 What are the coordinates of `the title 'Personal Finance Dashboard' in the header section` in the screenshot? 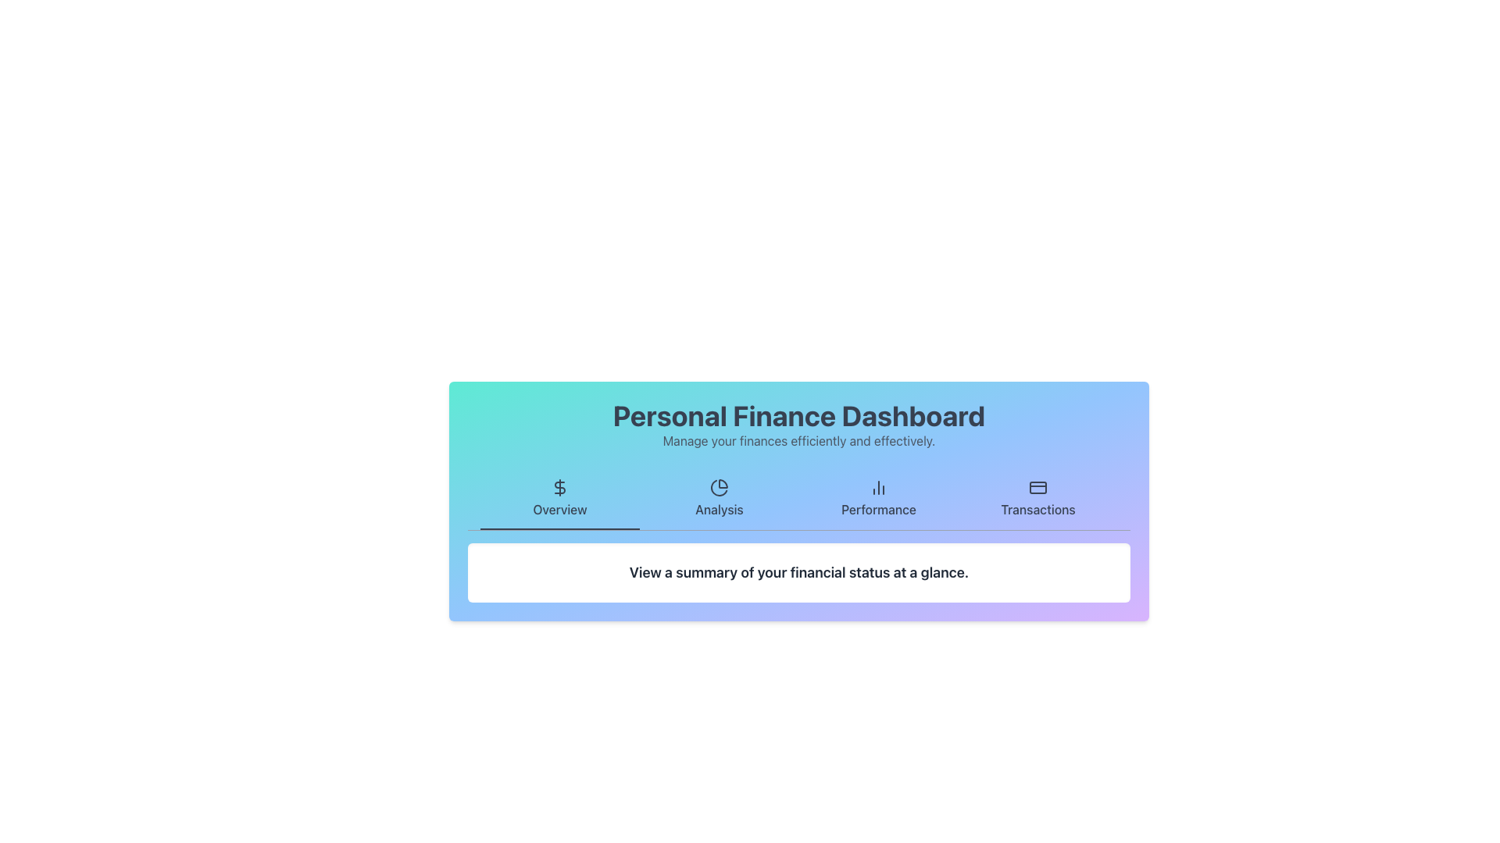 It's located at (798, 425).